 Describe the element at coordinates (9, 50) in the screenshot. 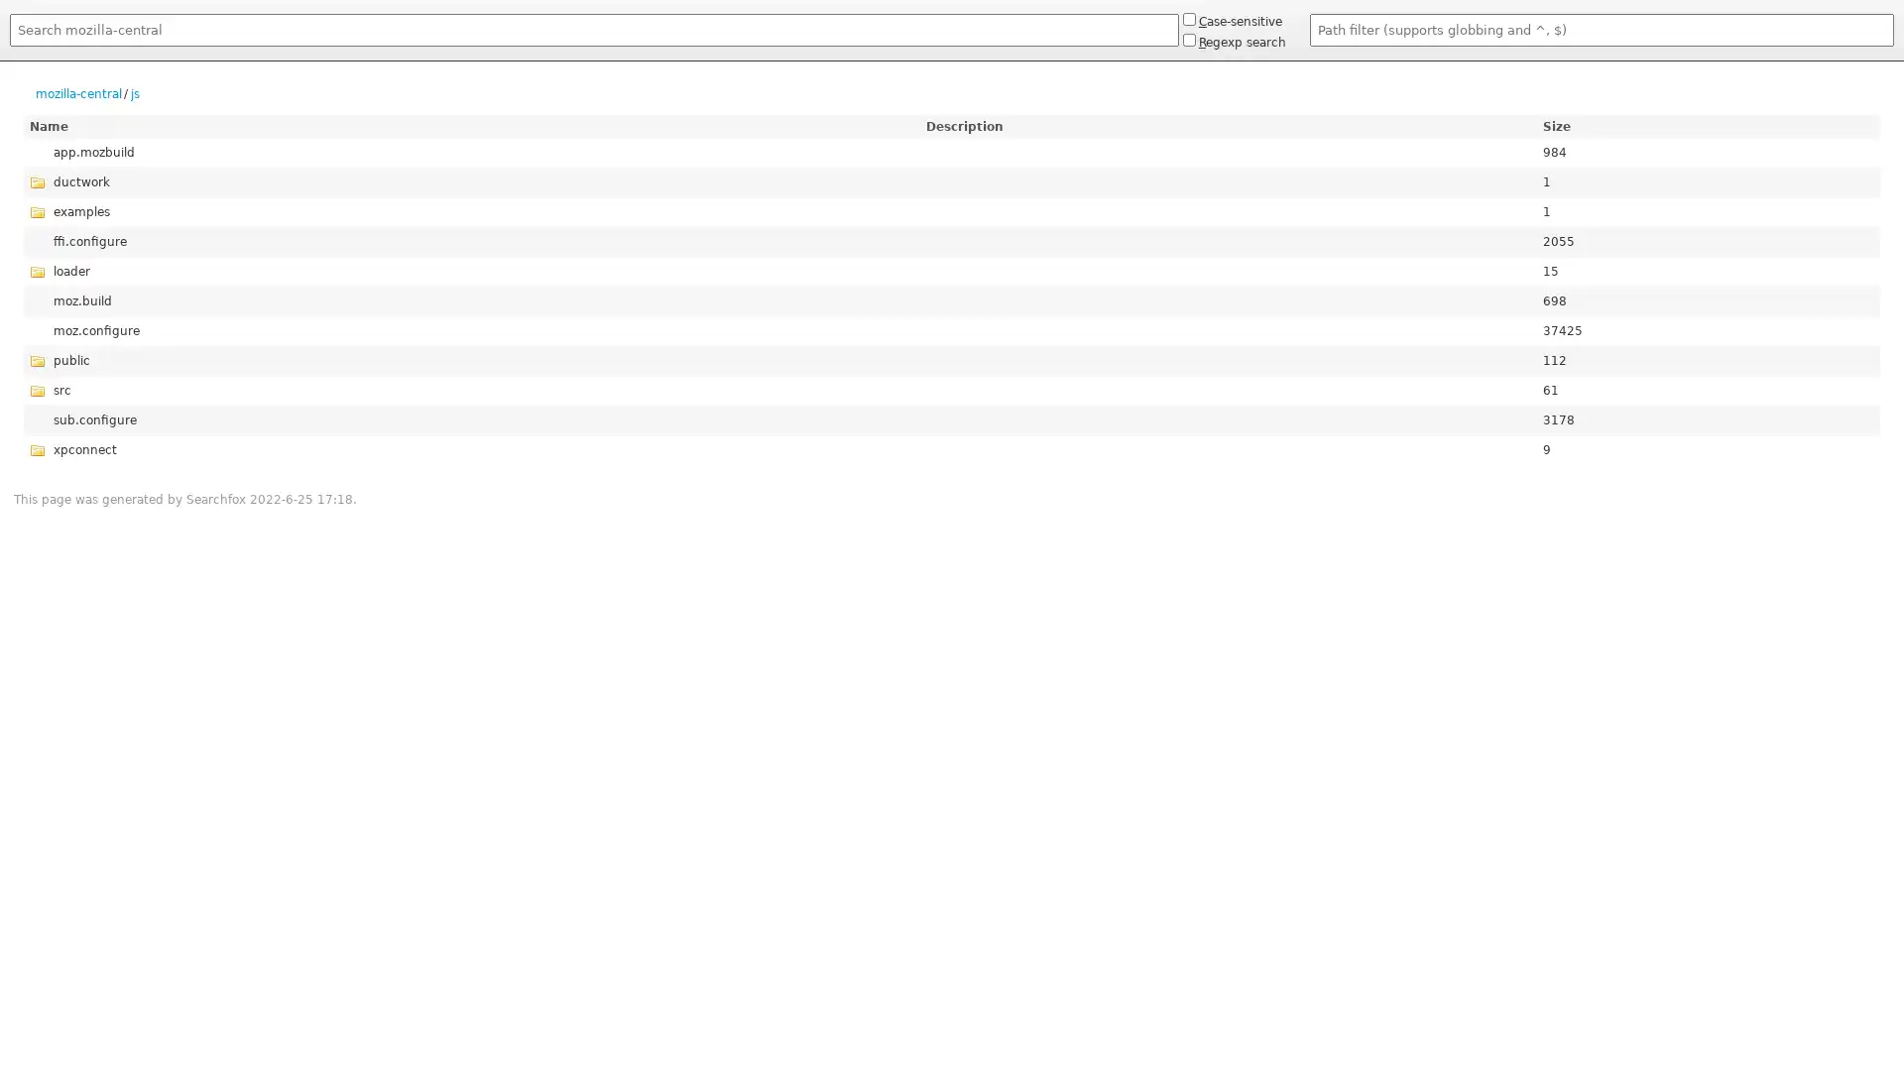

I see `Search` at that location.